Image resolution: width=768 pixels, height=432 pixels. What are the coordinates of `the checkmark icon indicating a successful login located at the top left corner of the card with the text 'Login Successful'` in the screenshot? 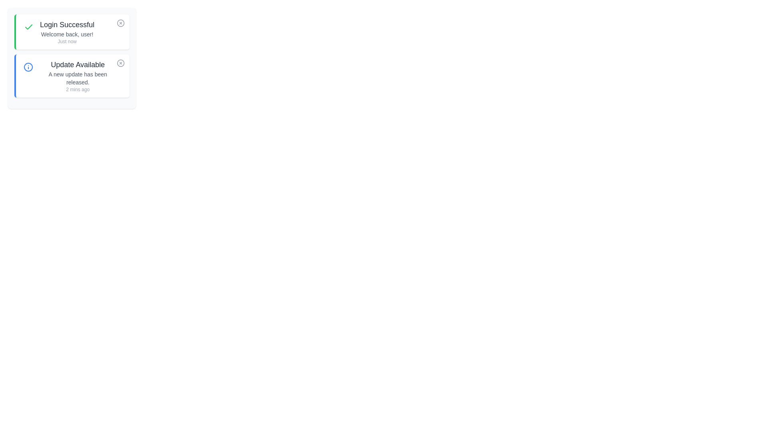 It's located at (29, 27).